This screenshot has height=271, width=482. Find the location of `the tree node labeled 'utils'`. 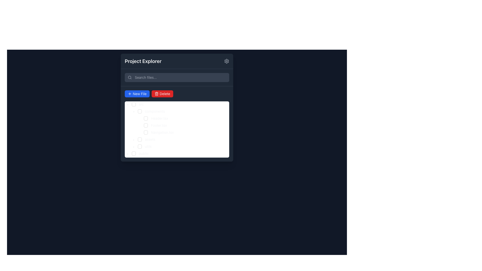

the tree node labeled 'utils' is located at coordinates (139, 146).